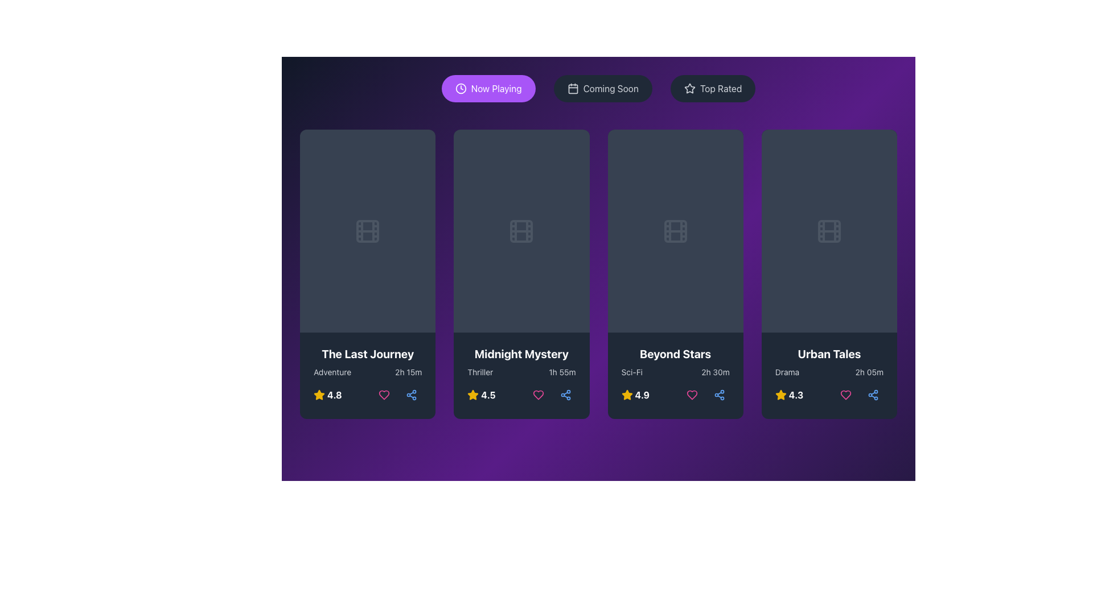 The width and height of the screenshot is (1093, 614). I want to click on the first button in the horizontal layout, so click(488, 88).